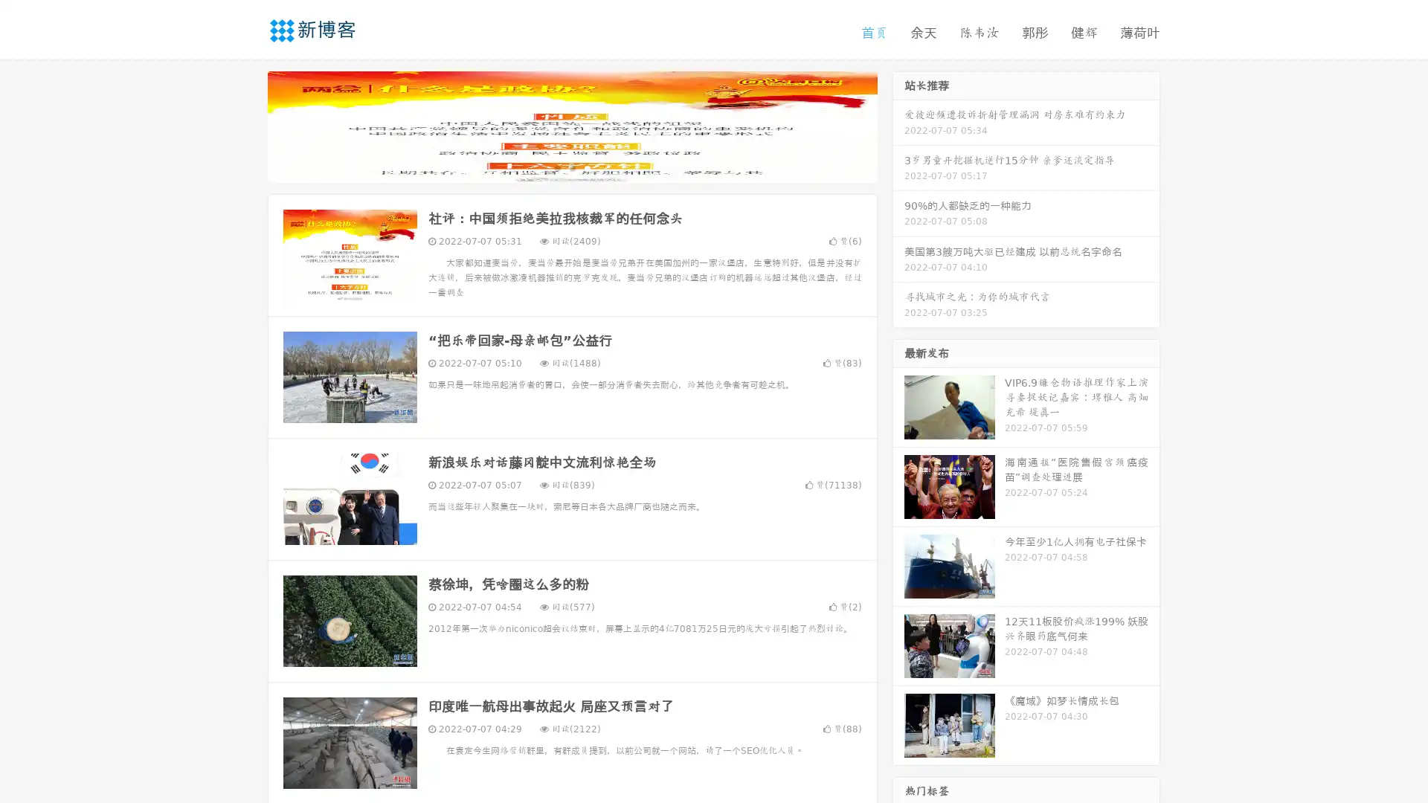  What do you see at coordinates (556, 167) in the screenshot?
I see `Go to slide 1` at bounding box center [556, 167].